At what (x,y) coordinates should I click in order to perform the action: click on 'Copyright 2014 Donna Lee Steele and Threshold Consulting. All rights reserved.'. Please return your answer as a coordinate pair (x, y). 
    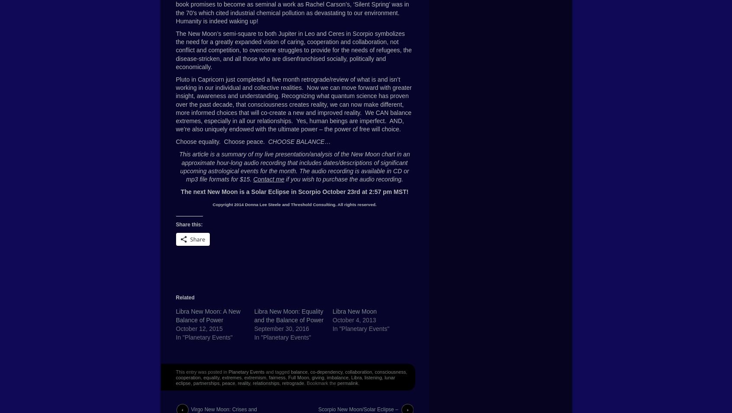
    Looking at the image, I should click on (212, 204).